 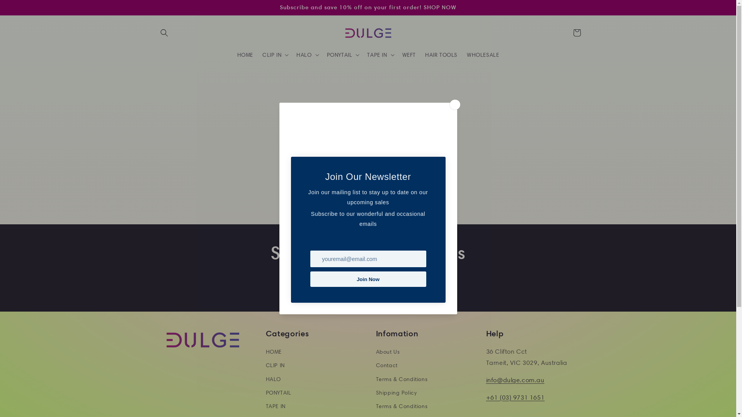 What do you see at coordinates (408, 54) in the screenshot?
I see `'WEFT'` at bounding box center [408, 54].